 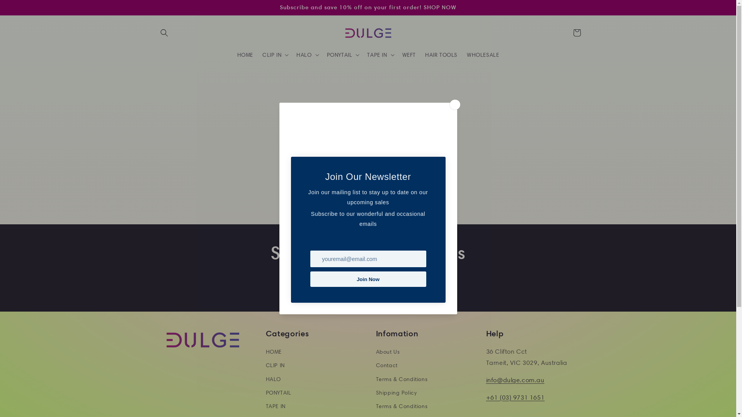 What do you see at coordinates (408, 54) in the screenshot?
I see `'WEFT'` at bounding box center [408, 54].